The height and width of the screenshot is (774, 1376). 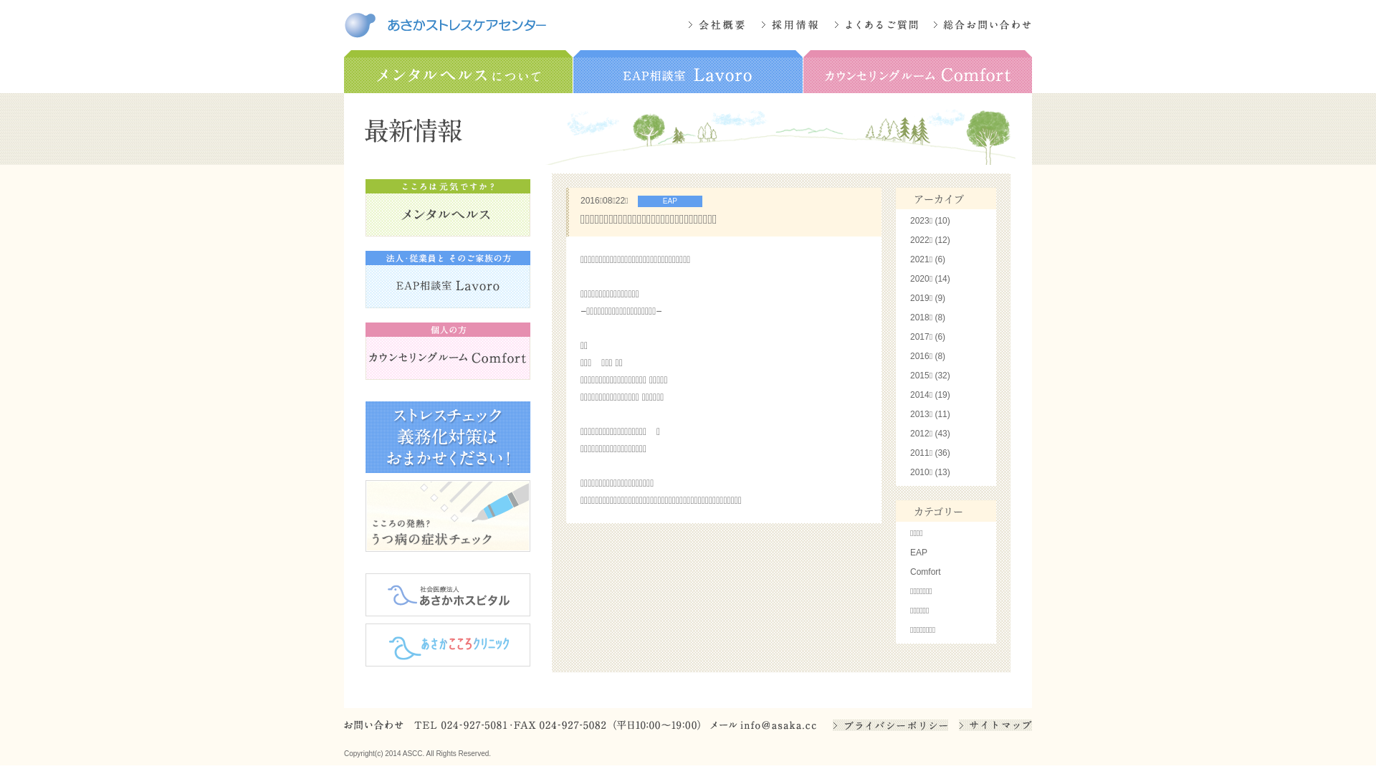 I want to click on 'EAP', so click(x=666, y=201).